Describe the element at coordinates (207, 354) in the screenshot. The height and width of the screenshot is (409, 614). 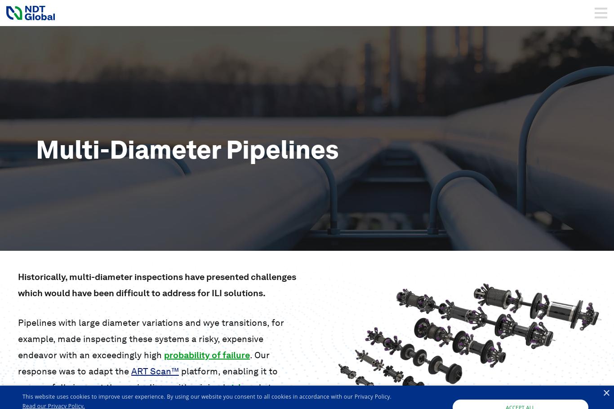
I see `'probability of failure'` at that location.